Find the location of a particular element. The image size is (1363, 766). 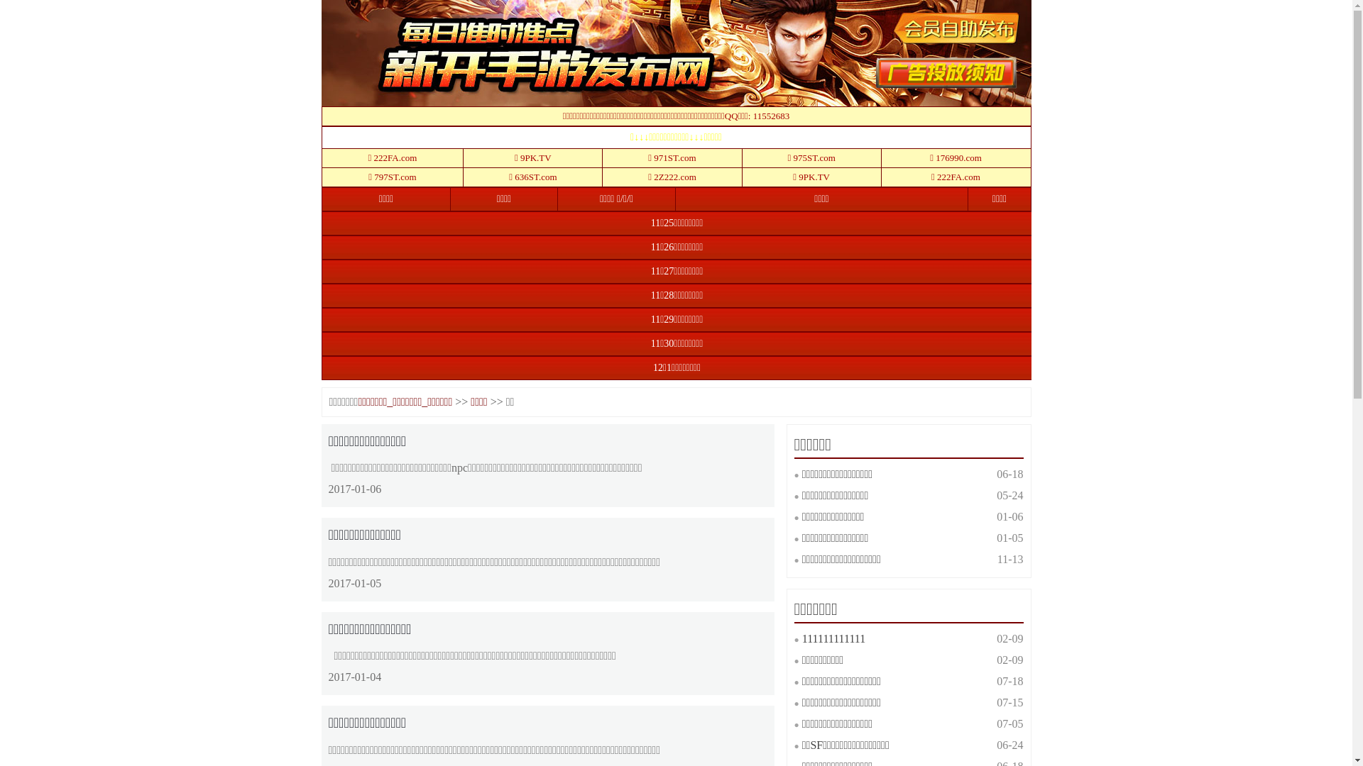

'111111111111' is located at coordinates (801, 638).